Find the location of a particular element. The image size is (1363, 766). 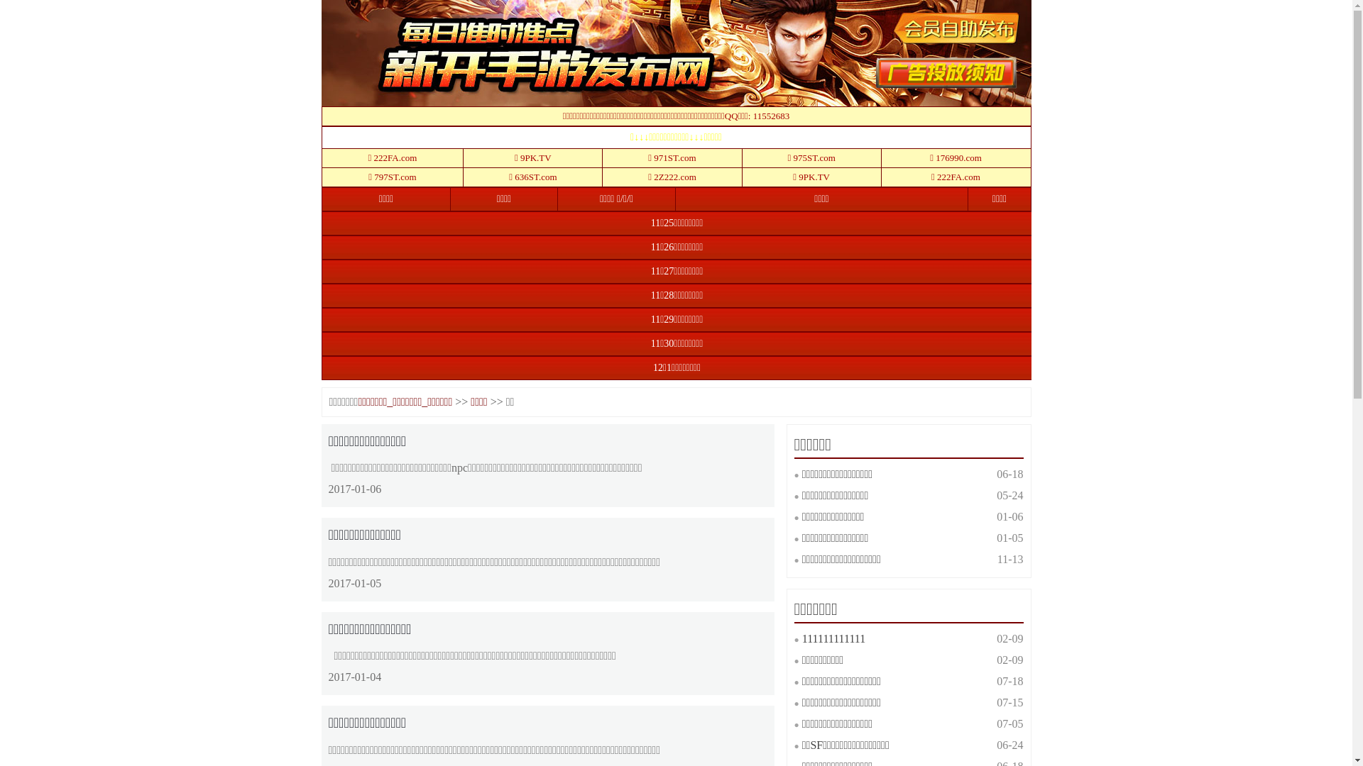

'111111111111' is located at coordinates (801, 638).